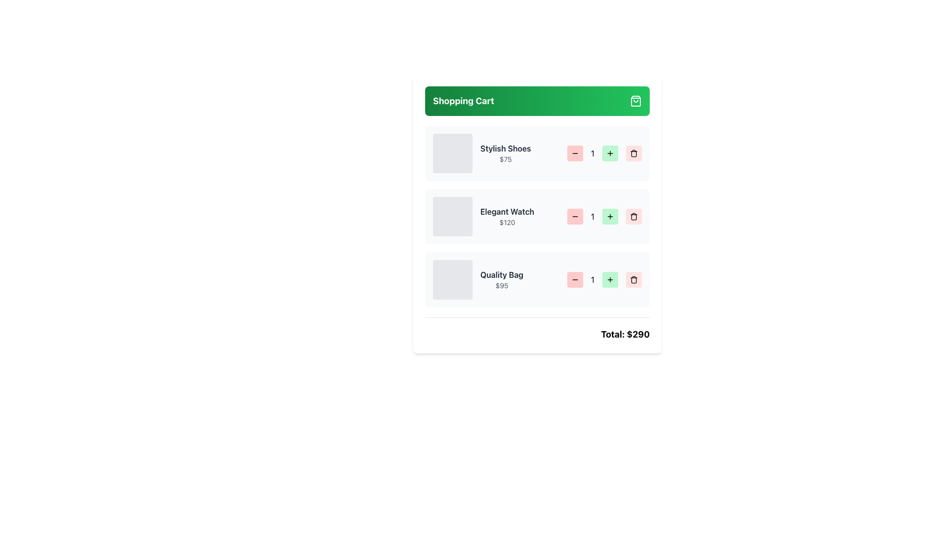 This screenshot has height=533, width=948. What do you see at coordinates (633, 216) in the screenshot?
I see `the trash-bin-shaped icon button with a light red background, located to the right of the green '+' button for the 'Elegant Watch' item in the shopping cart to trigger the hover styling` at bounding box center [633, 216].